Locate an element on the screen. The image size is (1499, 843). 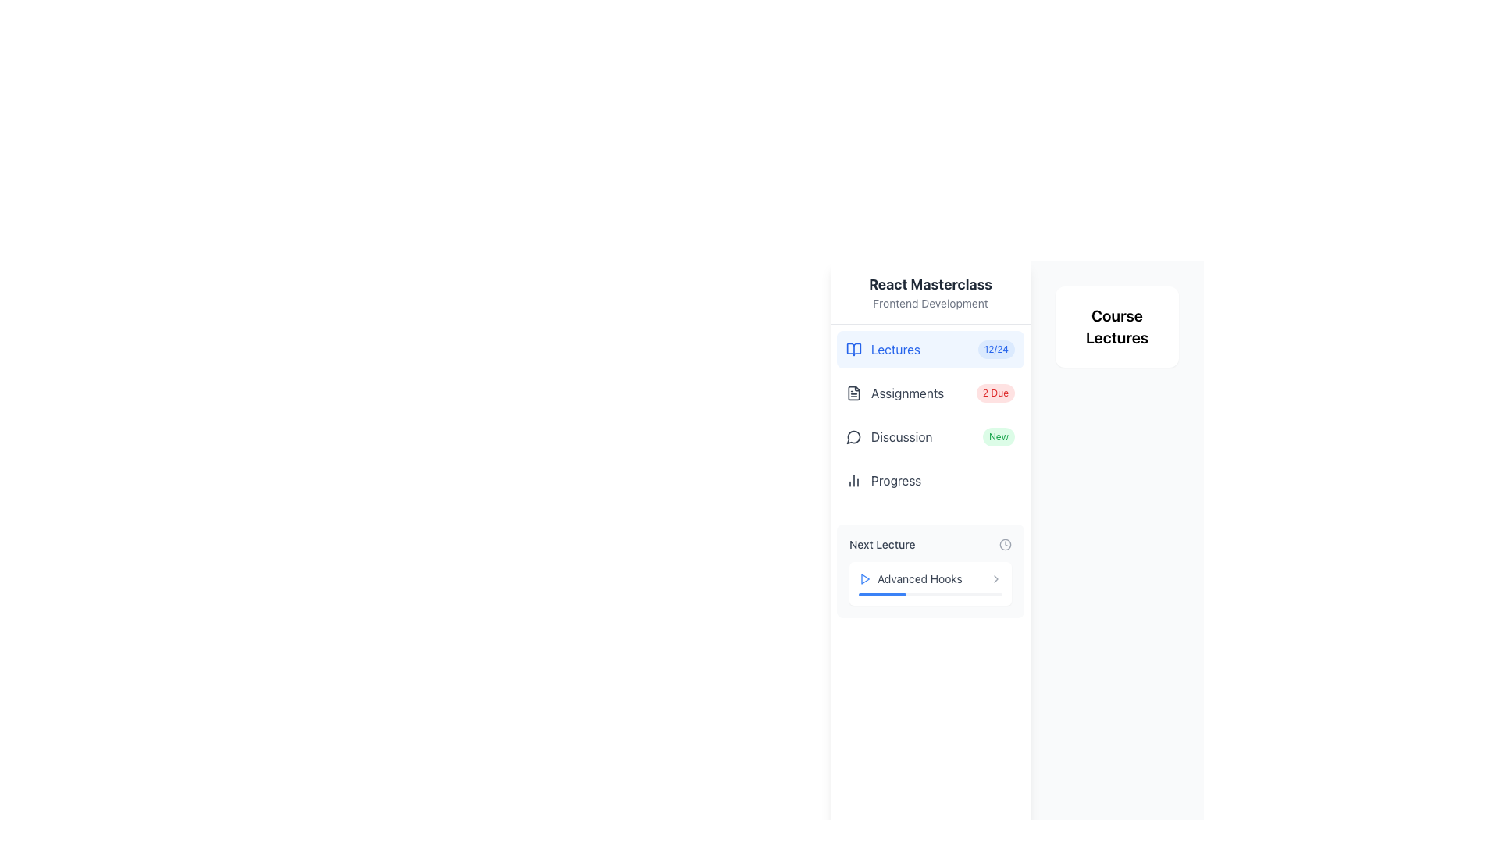
displayed value '12/24' from the small oval-shaped light blue badge located to the right of the 'Lectures' label in the navigation panel is located at coordinates (995, 348).